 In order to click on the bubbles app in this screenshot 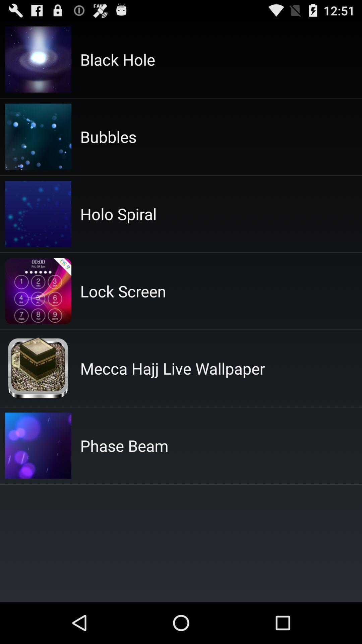, I will do `click(108, 136)`.